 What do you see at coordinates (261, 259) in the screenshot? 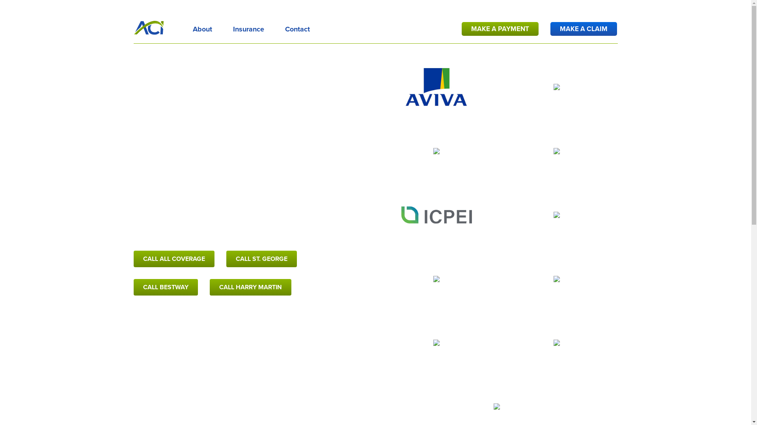
I see `'CALL ST. GEORGE'` at bounding box center [261, 259].